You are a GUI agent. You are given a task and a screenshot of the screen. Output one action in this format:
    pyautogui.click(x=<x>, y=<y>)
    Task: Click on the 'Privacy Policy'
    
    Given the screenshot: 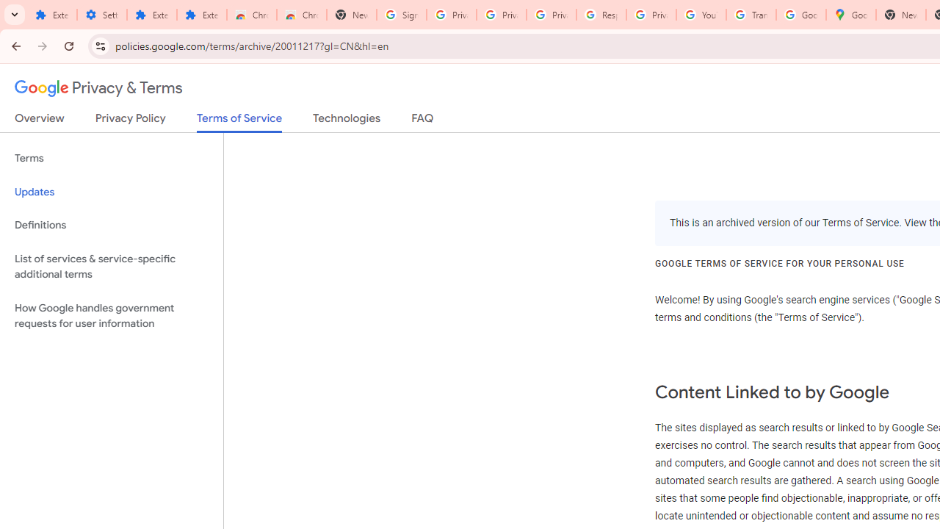 What is the action you would take?
    pyautogui.click(x=130, y=120)
    